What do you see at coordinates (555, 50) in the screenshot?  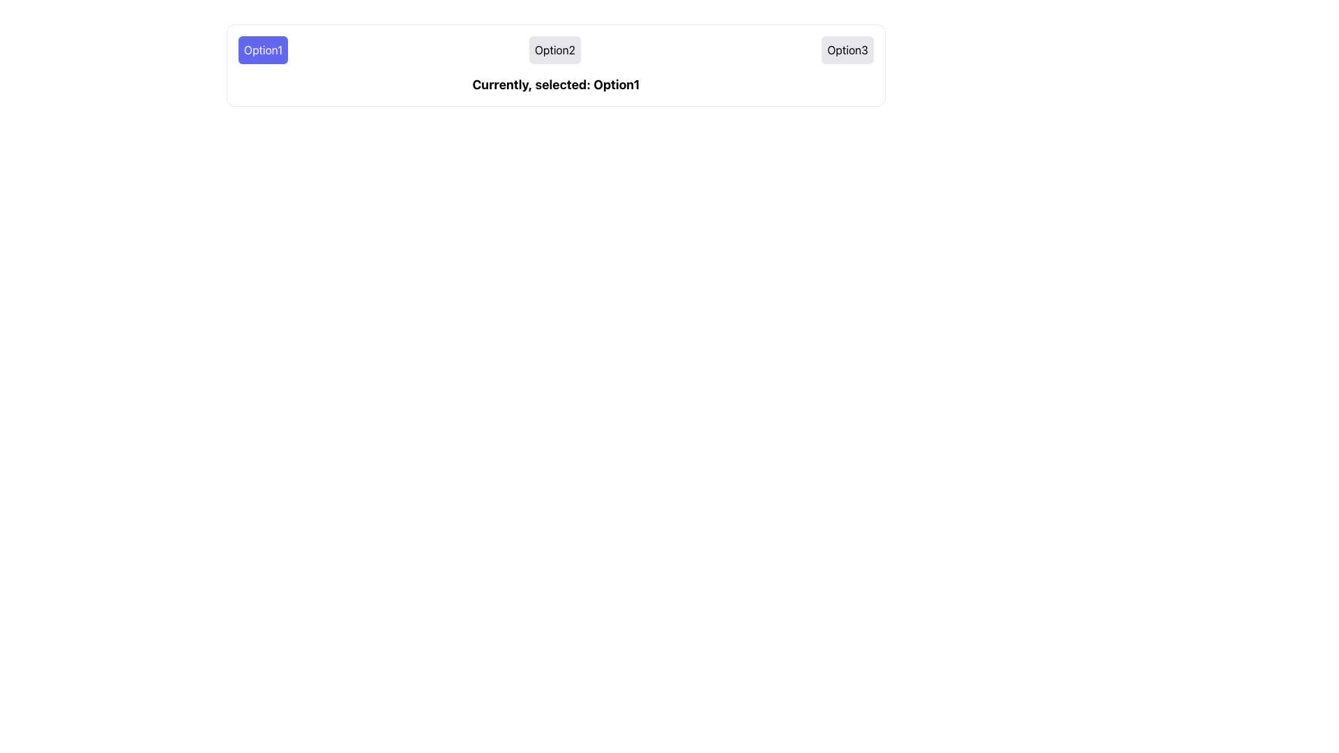 I see `the group of clickable text elements that serves as a navigation or selection bar for 'Option1', 'Option2', and 'Option3'` at bounding box center [555, 50].